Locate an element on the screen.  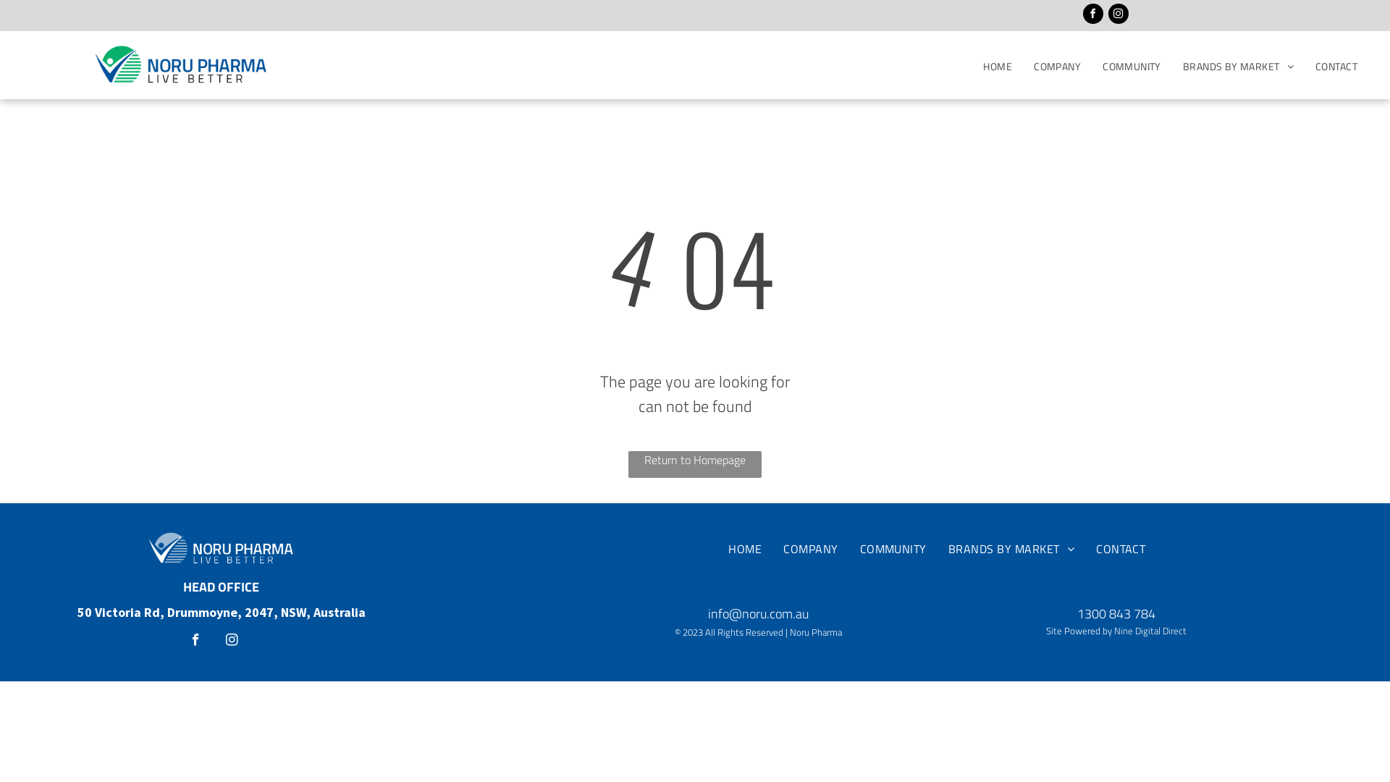
'HOME' is located at coordinates (996, 66).